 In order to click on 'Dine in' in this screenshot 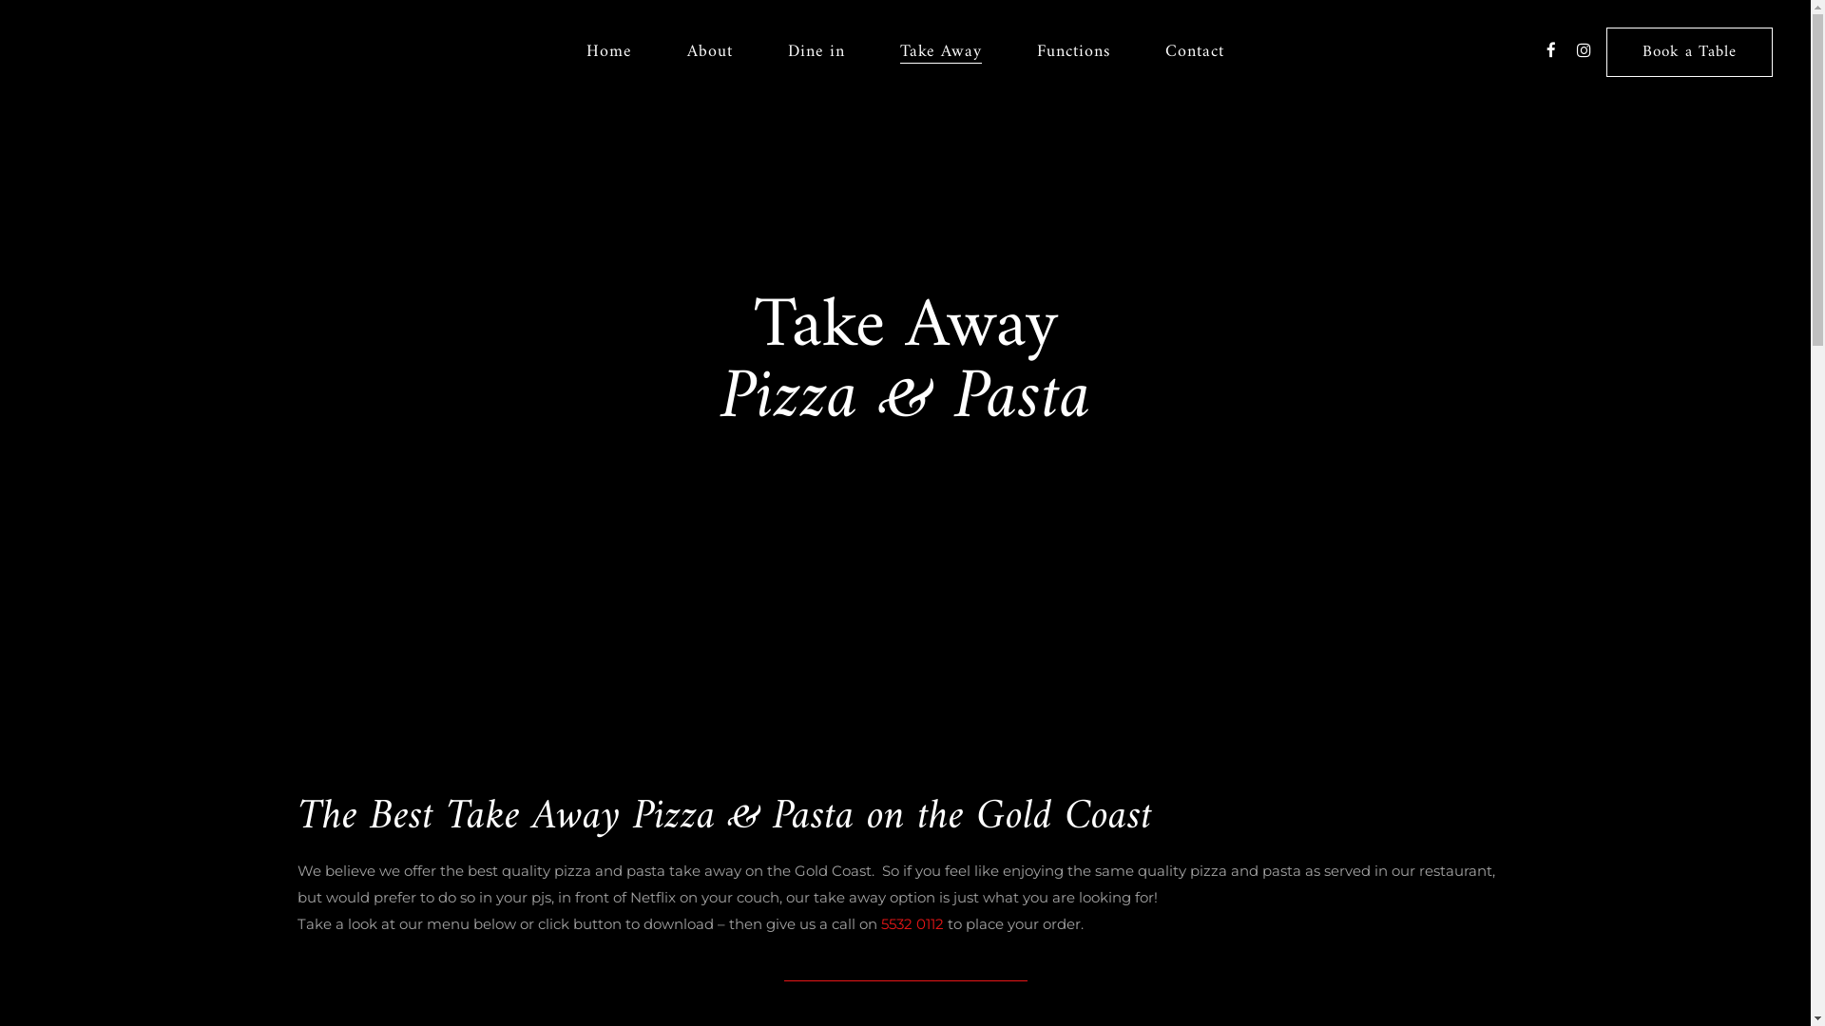, I will do `click(816, 50)`.